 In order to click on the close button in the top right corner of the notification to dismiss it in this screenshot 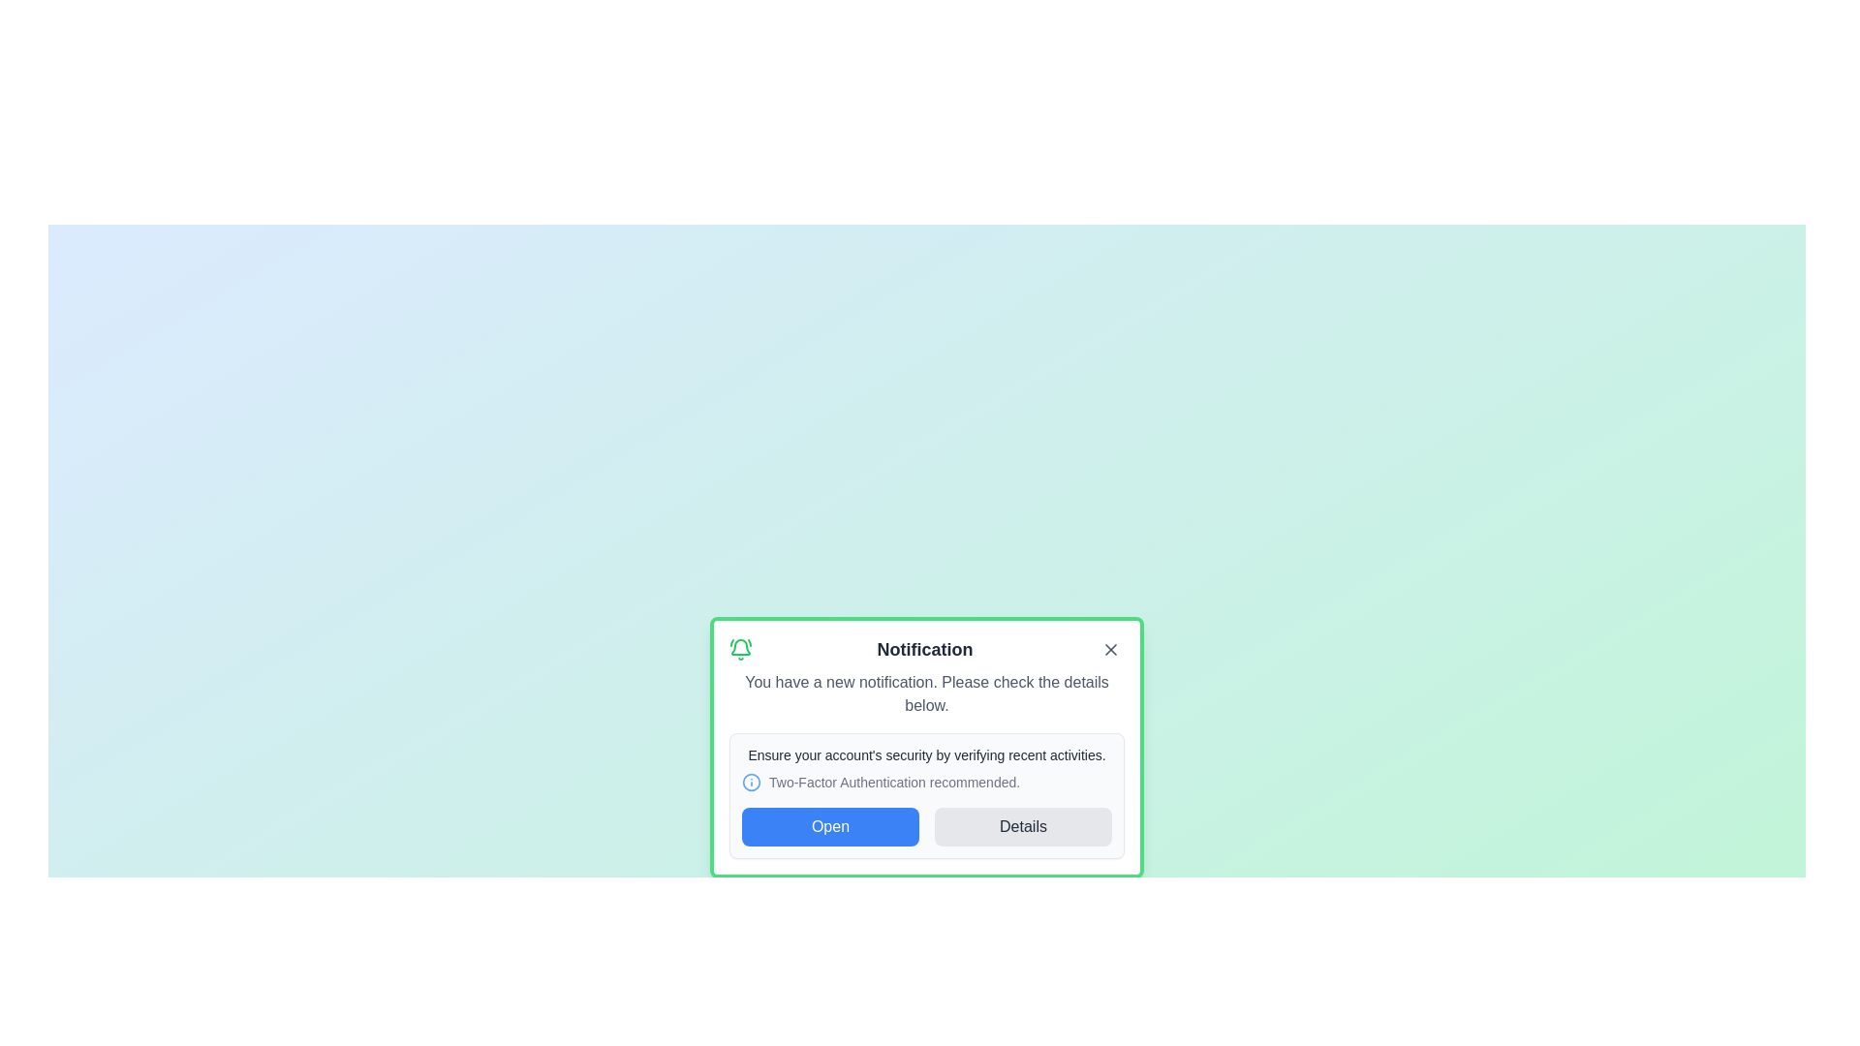, I will do `click(1111, 650)`.